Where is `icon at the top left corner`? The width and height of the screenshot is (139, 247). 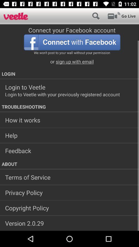
icon at the top left corner is located at coordinates (16, 16).